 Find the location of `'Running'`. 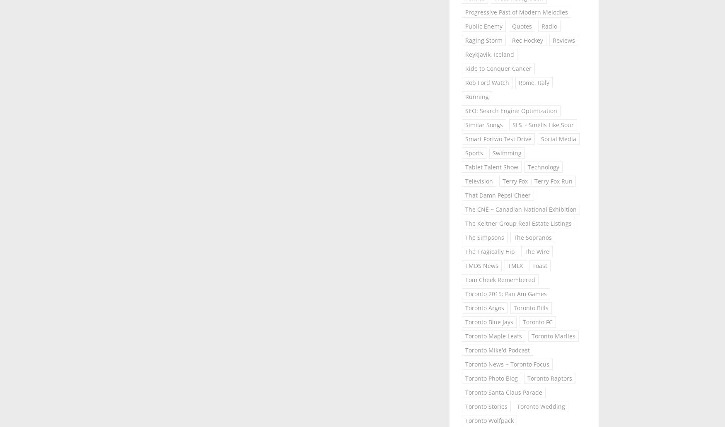

'Running' is located at coordinates (476, 96).